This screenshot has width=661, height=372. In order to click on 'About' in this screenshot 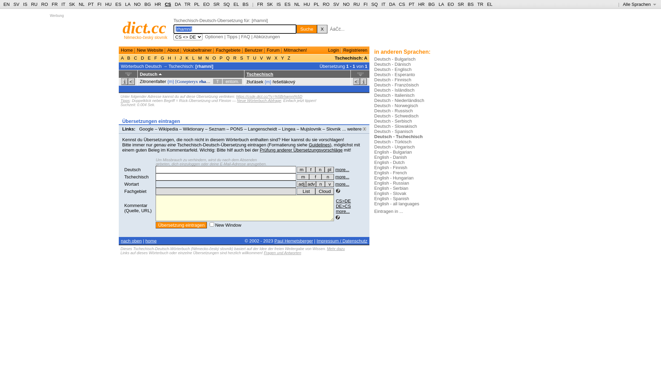, I will do `click(173, 50)`.